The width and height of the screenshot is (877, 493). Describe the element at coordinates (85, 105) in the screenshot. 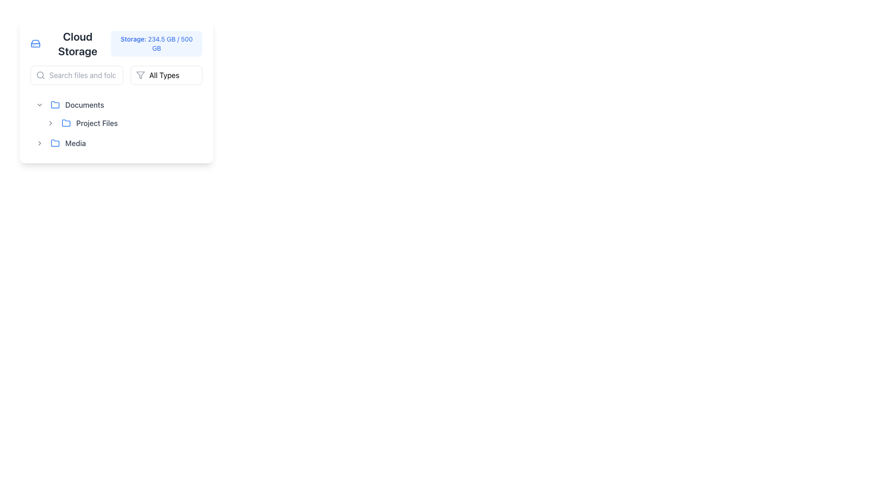

I see `the 'Documents' text label in the cloud storage navigation panel` at that location.